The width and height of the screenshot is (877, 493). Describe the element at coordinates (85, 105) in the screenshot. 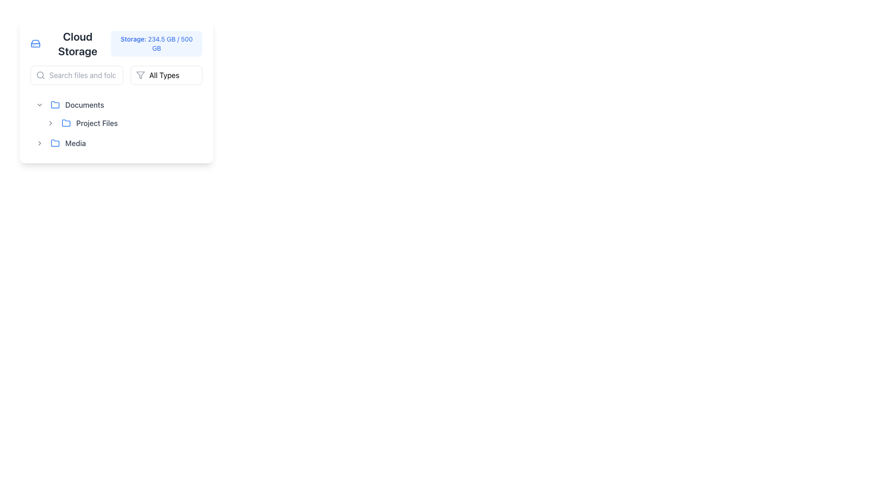

I see `the 'Documents' text label in the cloud storage navigation panel` at that location.